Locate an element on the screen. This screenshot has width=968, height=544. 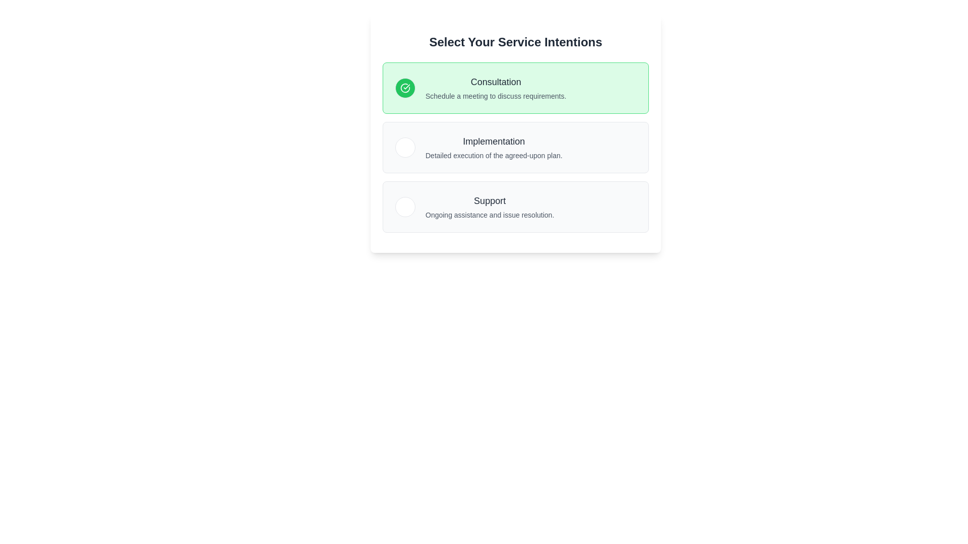
descriptive text of the label indicating the selectable option 'Implementation', which is the second option in a vertical list of three options is located at coordinates (494, 148).